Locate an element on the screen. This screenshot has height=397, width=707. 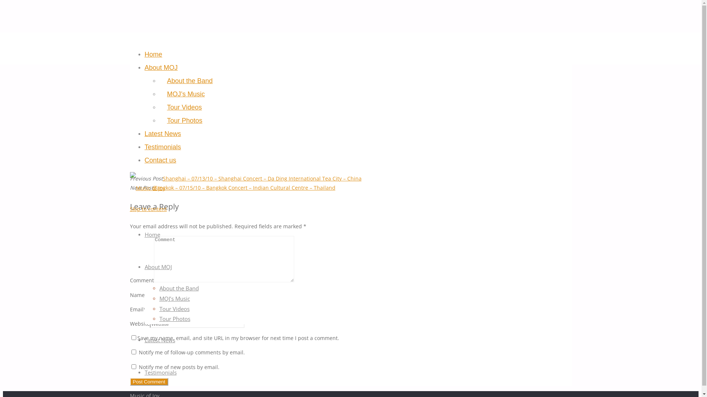
'Skip to content' is located at coordinates (148, 209).